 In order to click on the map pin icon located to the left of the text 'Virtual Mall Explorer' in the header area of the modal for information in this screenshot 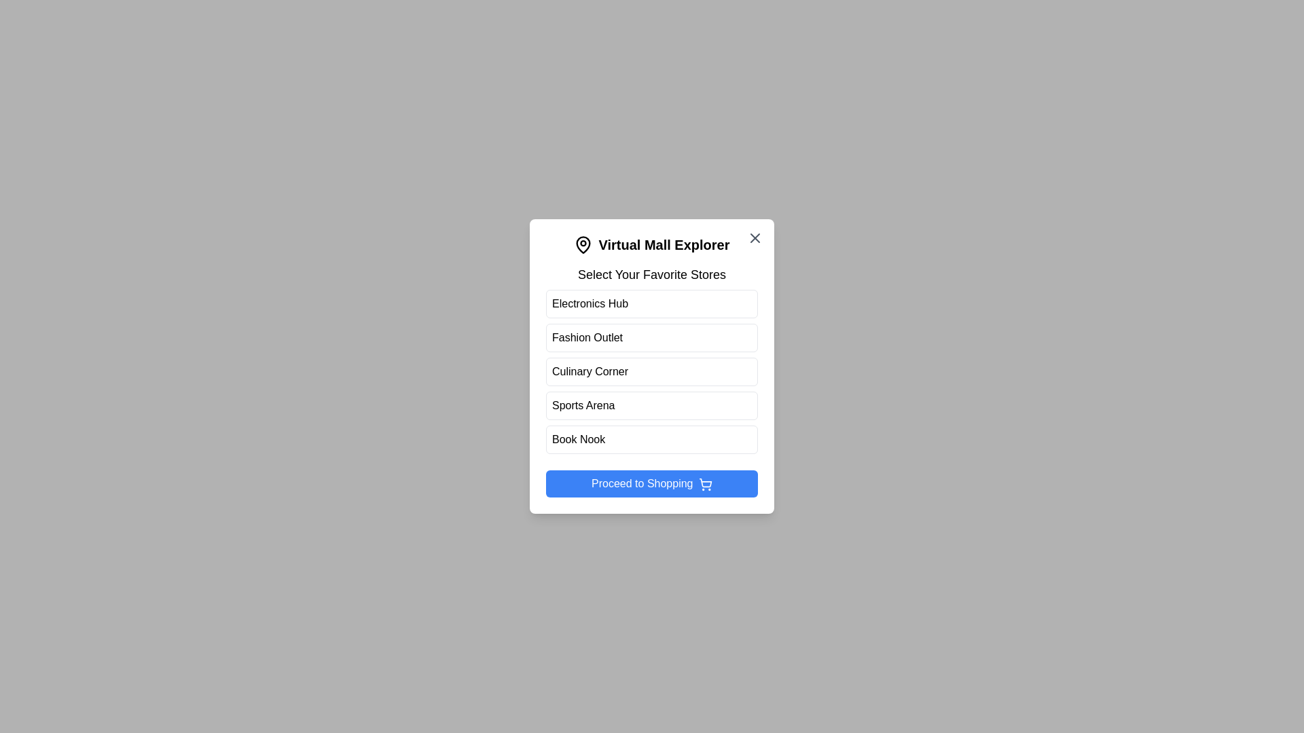, I will do `click(583, 245)`.